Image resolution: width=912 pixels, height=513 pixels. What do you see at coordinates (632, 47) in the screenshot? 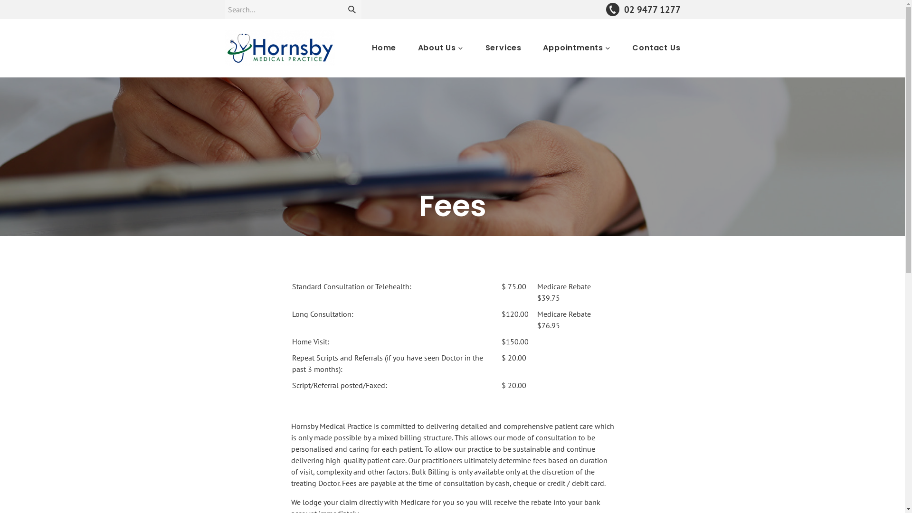
I see `'Contact Us'` at bounding box center [632, 47].